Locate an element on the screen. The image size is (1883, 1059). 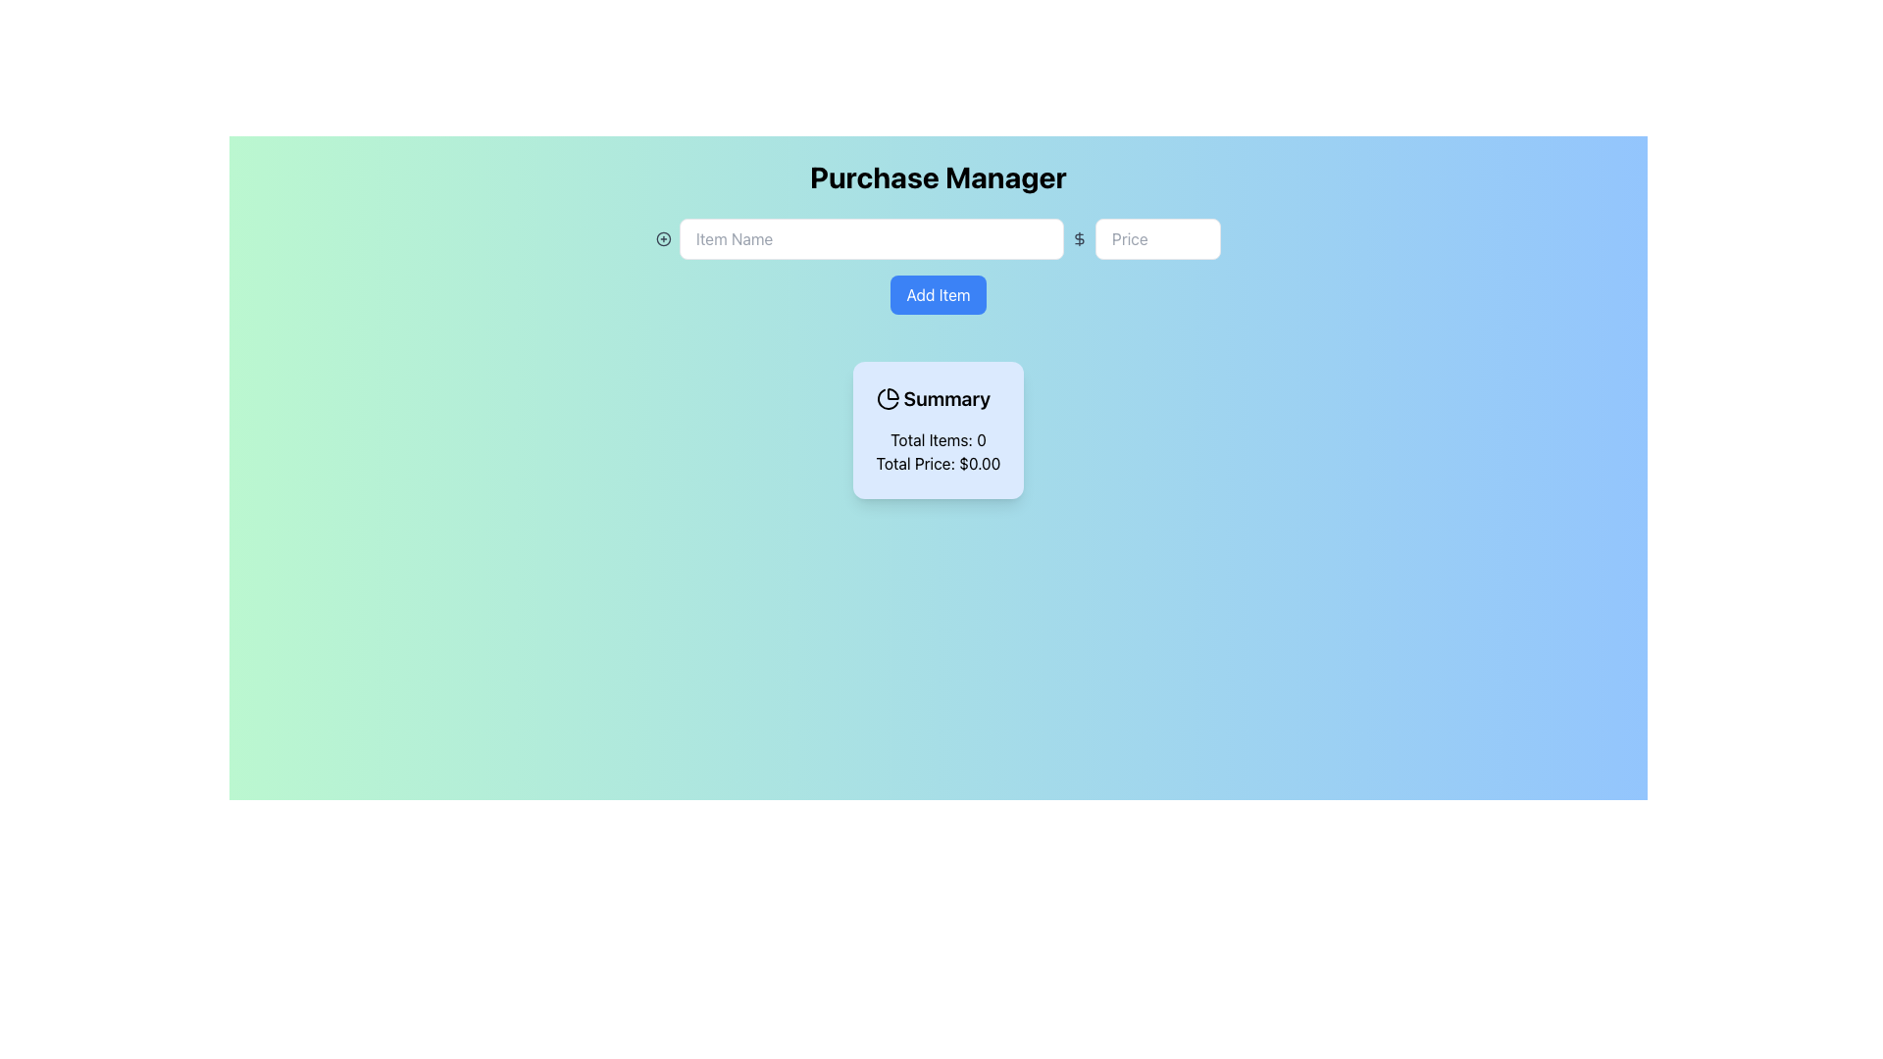
the informational panel with a light blue background that displays the title 'Summary' and includes details about total items and price is located at coordinates (937, 429).